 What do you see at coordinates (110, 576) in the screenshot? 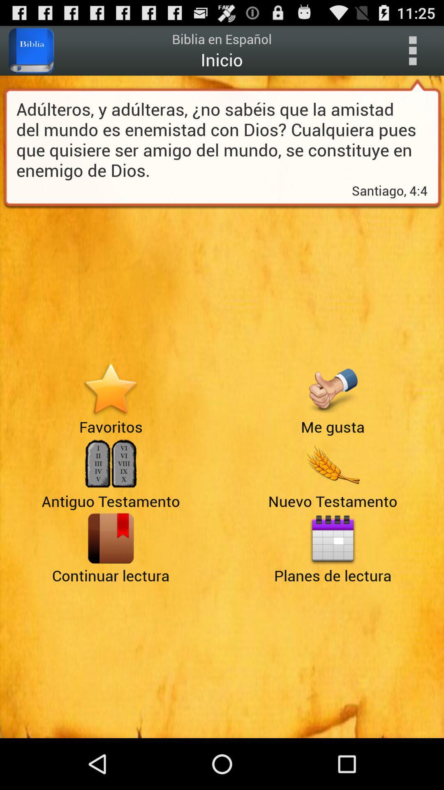
I see `the book icon` at bounding box center [110, 576].